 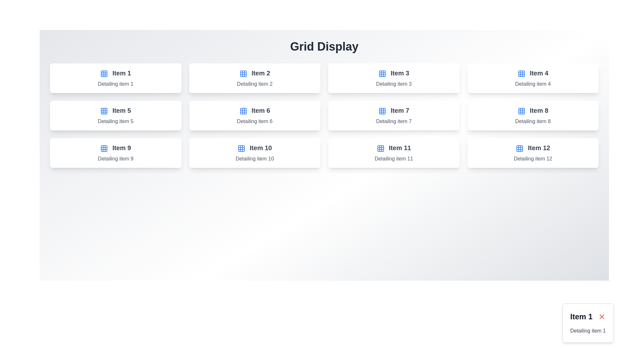 What do you see at coordinates (393, 159) in the screenshot?
I see `descriptive label text located within the 'Item 11' card, which is positioned in the bottom row, third from the left in a 4x3 grid layout, and is the second text element below the icon and title` at bounding box center [393, 159].